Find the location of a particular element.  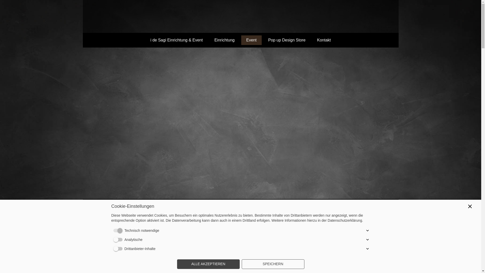

'Event' is located at coordinates (251, 40).